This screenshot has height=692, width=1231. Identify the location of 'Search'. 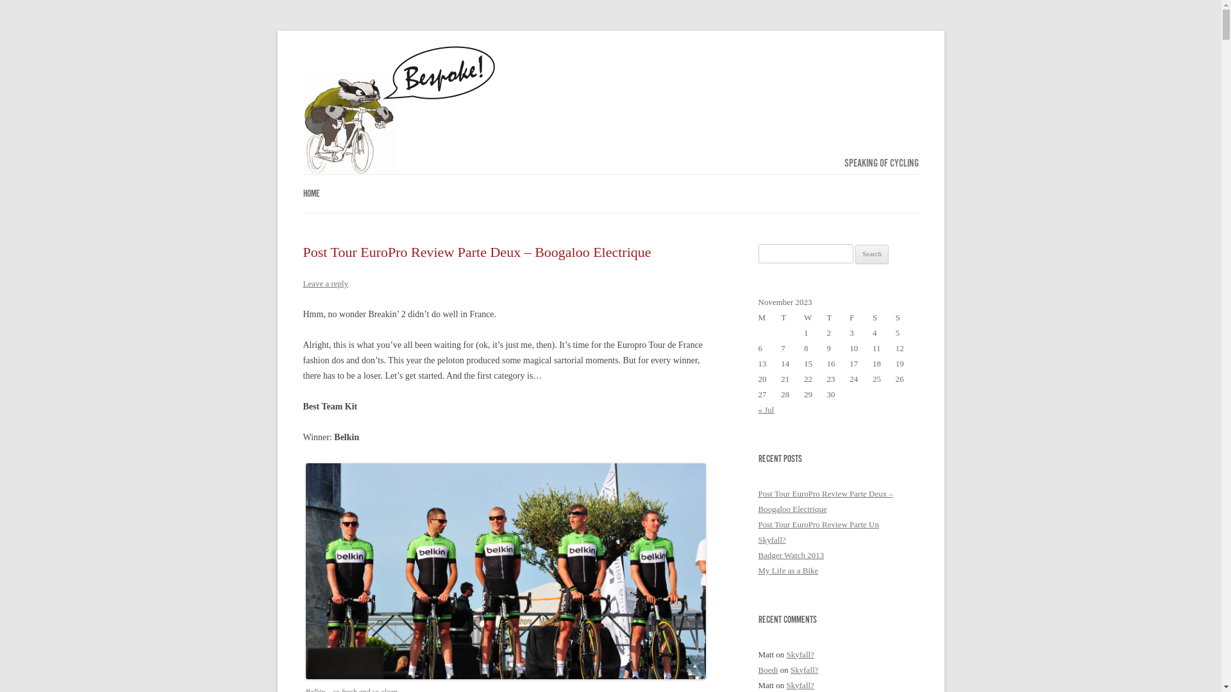
(855, 254).